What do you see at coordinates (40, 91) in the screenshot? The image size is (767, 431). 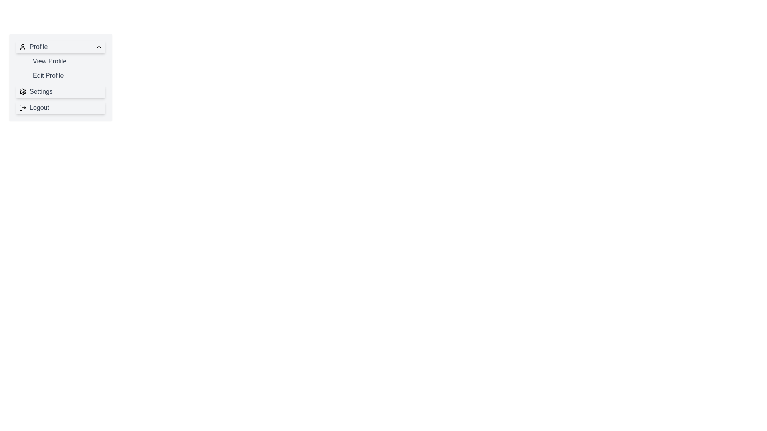 I see `the 'Settings' text label which is positioned immediately to the right of the gear-shaped icon in the vertical menu structure` at bounding box center [40, 91].